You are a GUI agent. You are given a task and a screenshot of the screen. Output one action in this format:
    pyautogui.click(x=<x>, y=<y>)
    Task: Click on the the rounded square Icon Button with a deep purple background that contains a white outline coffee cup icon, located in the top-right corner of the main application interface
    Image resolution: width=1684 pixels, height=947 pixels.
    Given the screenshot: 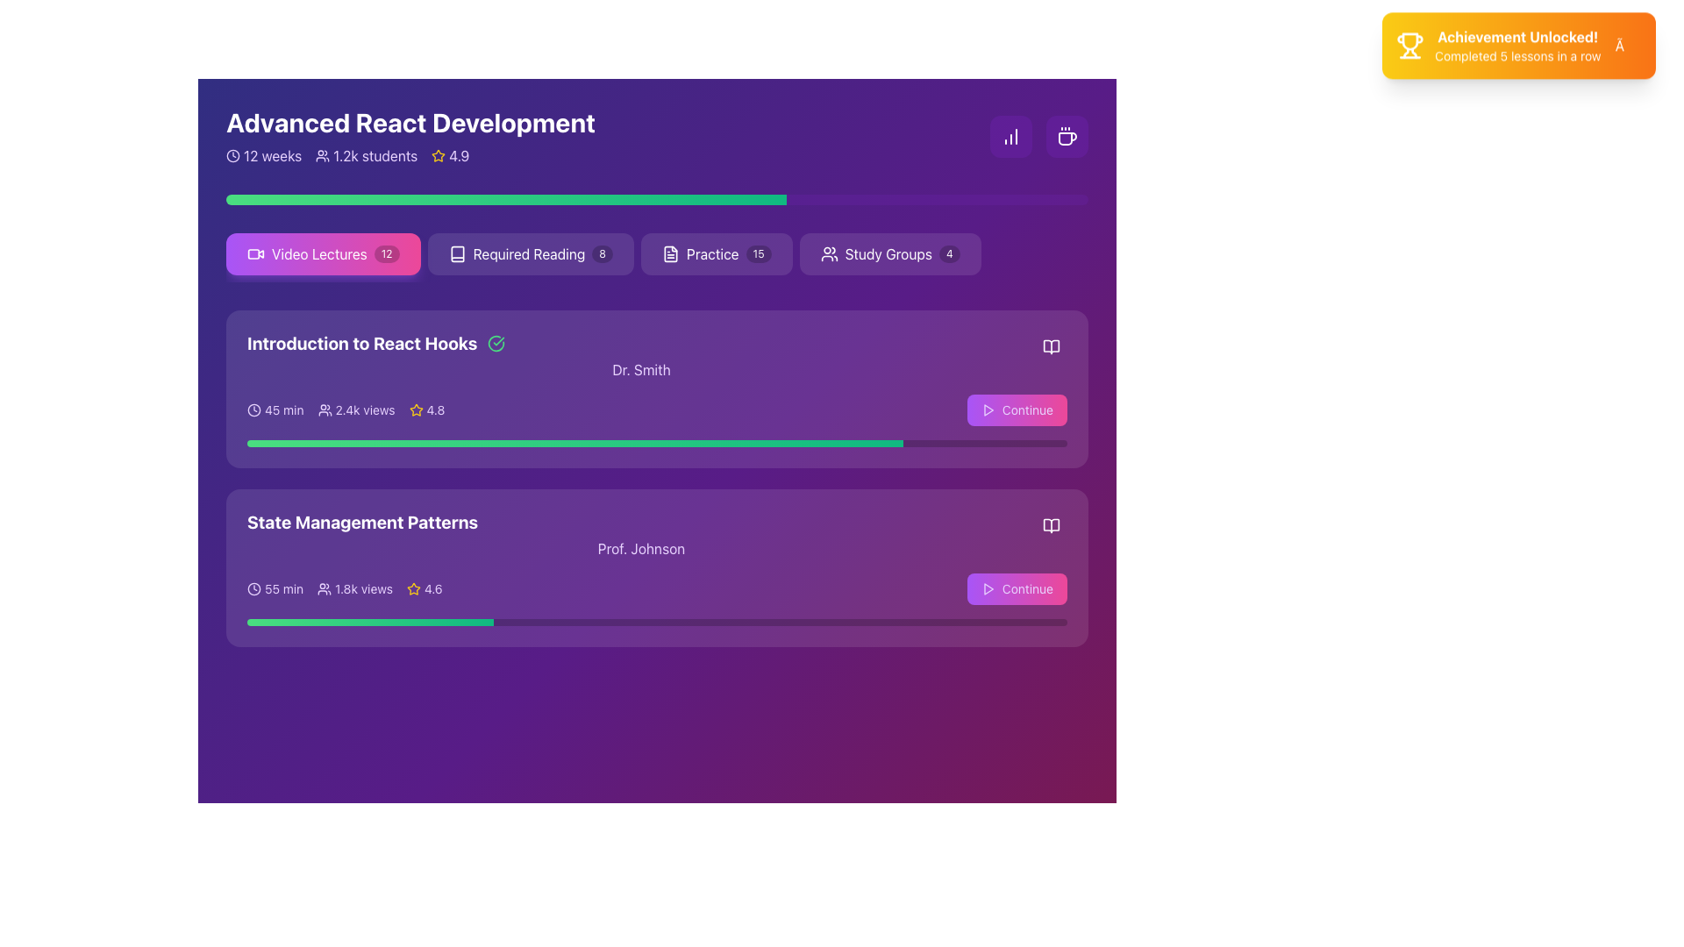 What is the action you would take?
    pyautogui.click(x=1067, y=135)
    